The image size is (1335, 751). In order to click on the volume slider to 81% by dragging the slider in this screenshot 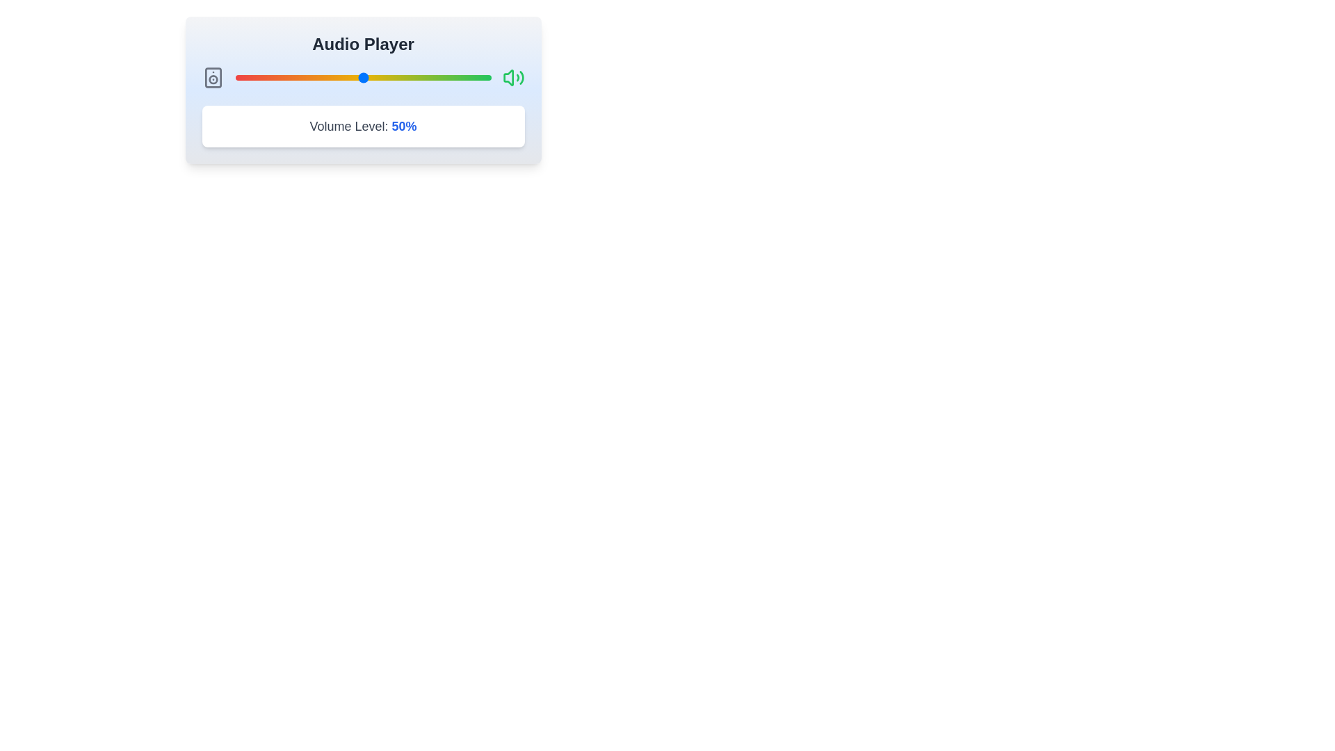, I will do `click(442, 77)`.